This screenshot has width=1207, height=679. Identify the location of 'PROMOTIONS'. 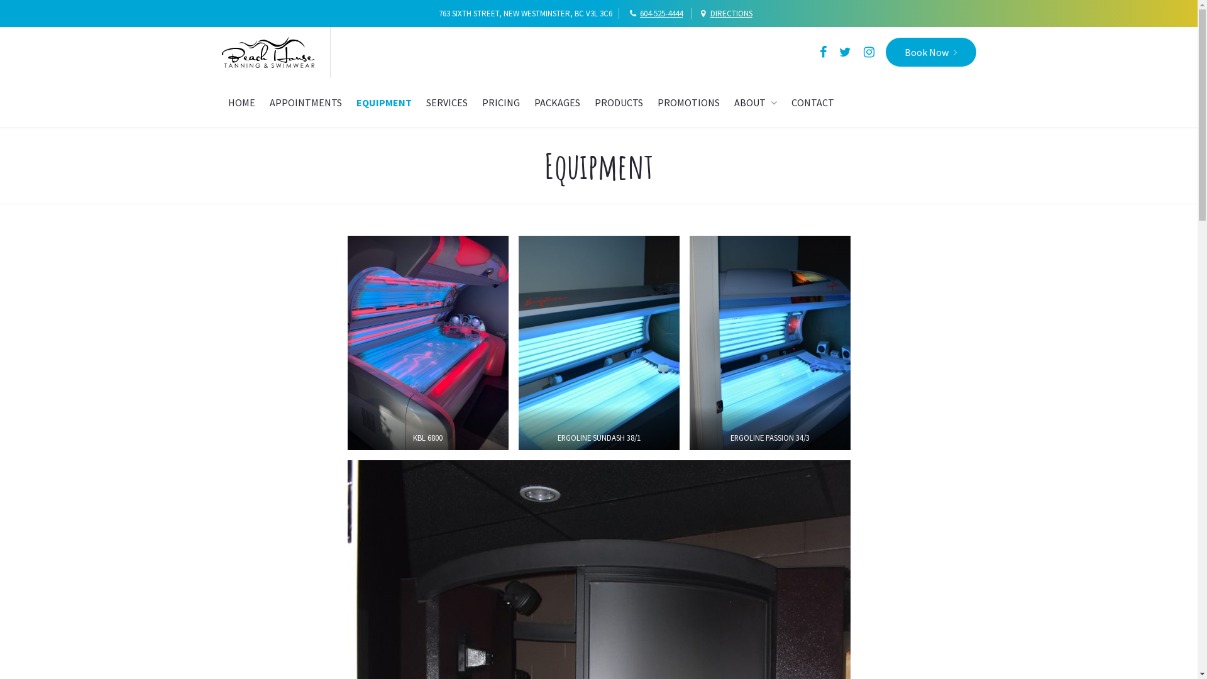
(688, 101).